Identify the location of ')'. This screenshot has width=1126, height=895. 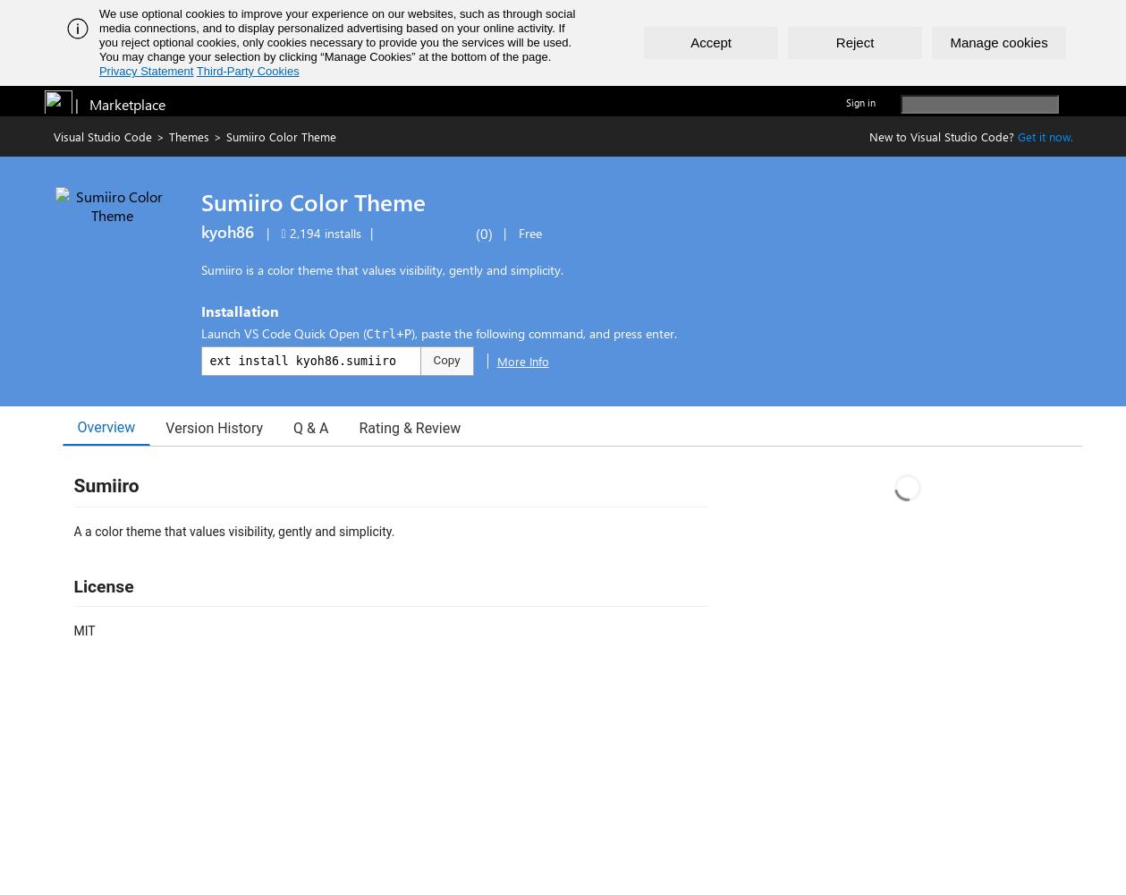
(489, 233).